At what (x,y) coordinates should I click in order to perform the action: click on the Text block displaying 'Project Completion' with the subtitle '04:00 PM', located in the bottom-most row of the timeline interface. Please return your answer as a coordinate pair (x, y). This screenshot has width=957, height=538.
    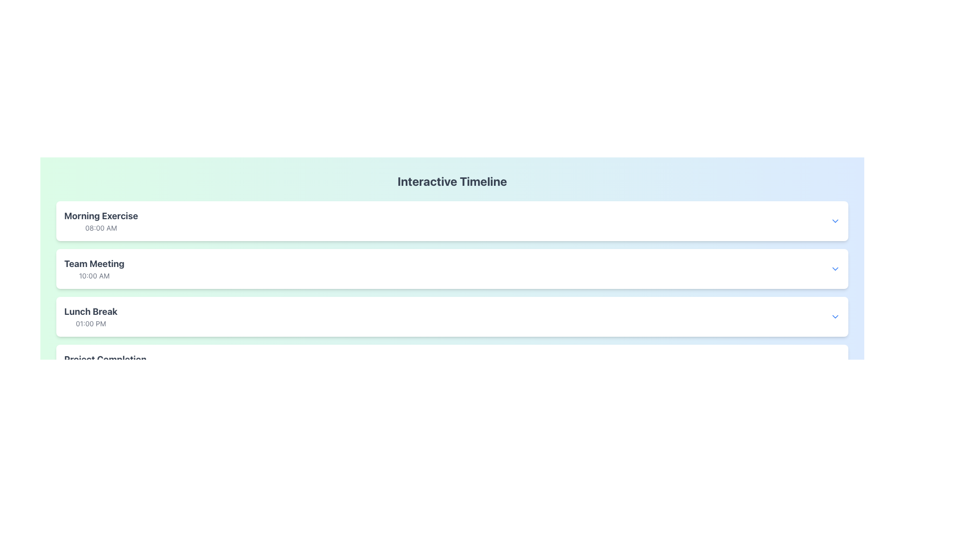
    Looking at the image, I should click on (105, 365).